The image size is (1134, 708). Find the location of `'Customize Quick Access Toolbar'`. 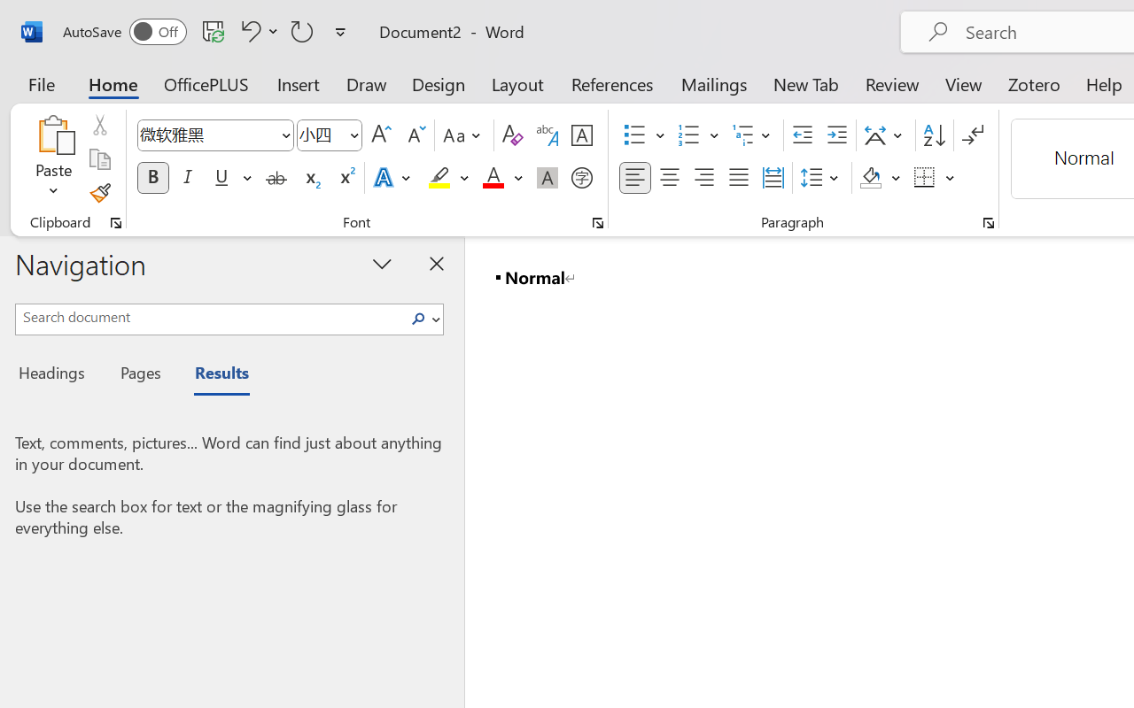

'Customize Quick Access Toolbar' is located at coordinates (340, 31).